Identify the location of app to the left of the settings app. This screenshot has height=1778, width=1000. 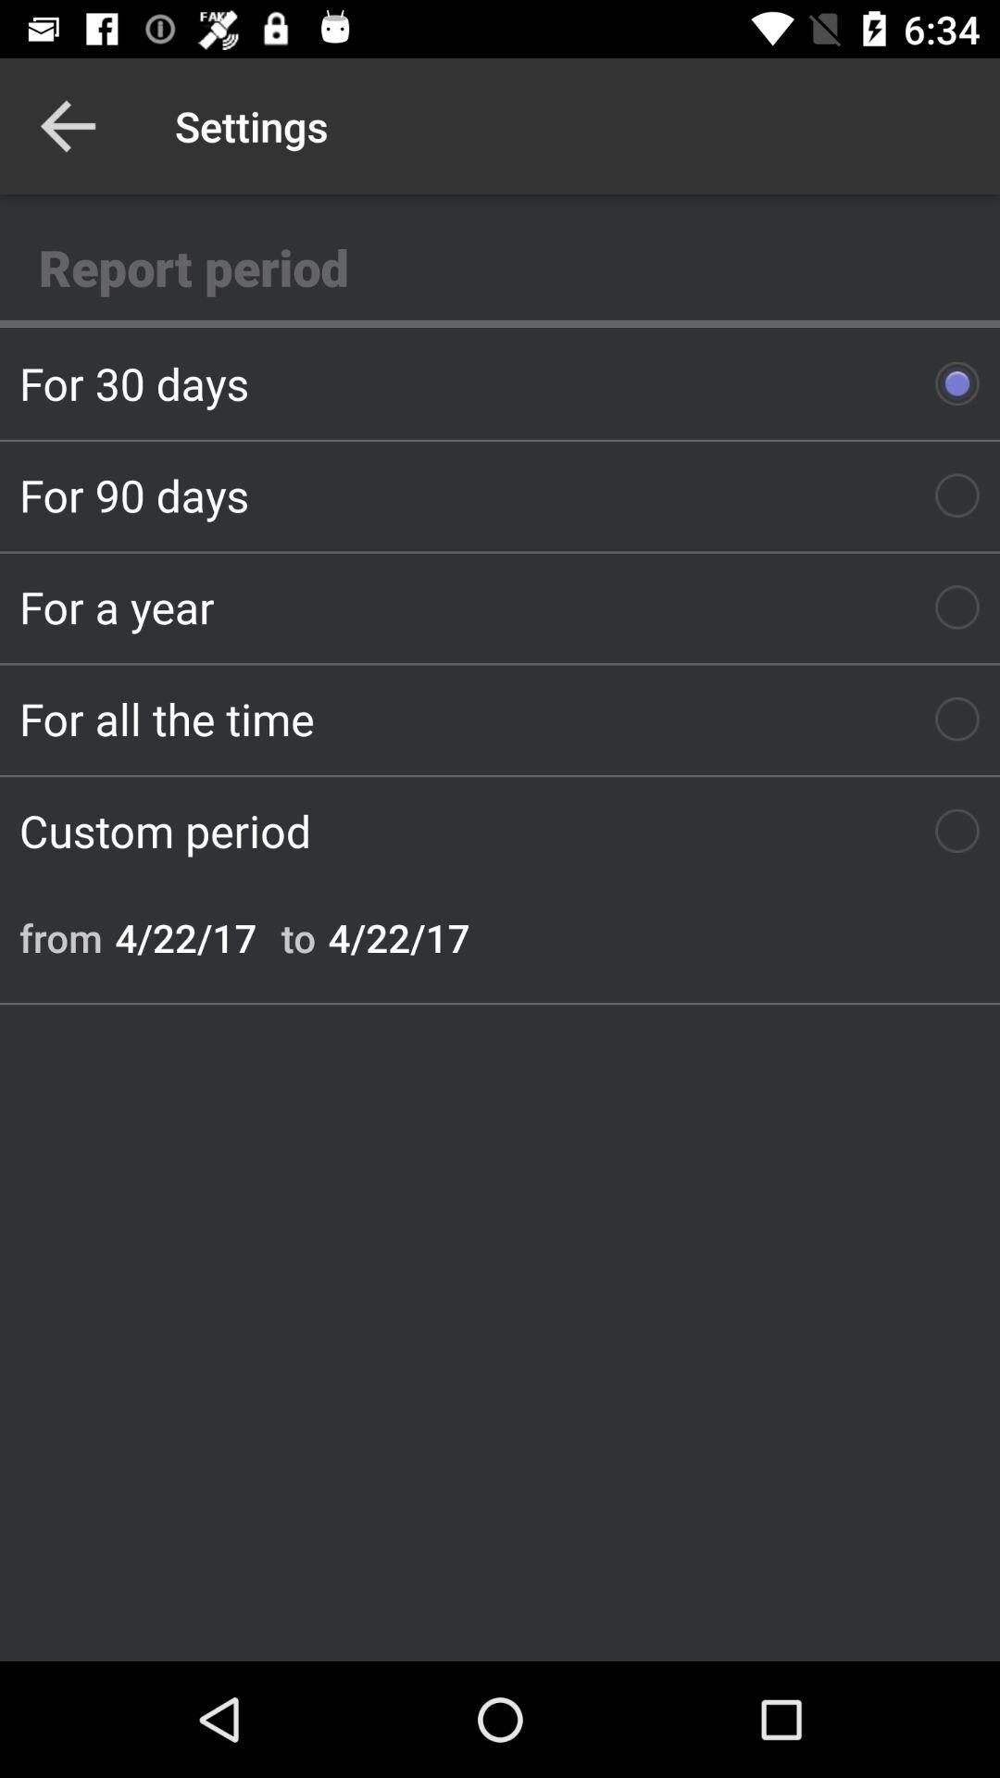
(67, 125).